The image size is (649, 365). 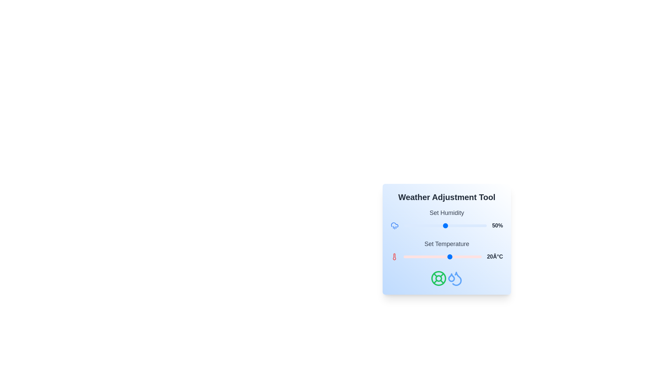 I want to click on the temperature slider to set the temperature to -2°C, so click(x=416, y=257).